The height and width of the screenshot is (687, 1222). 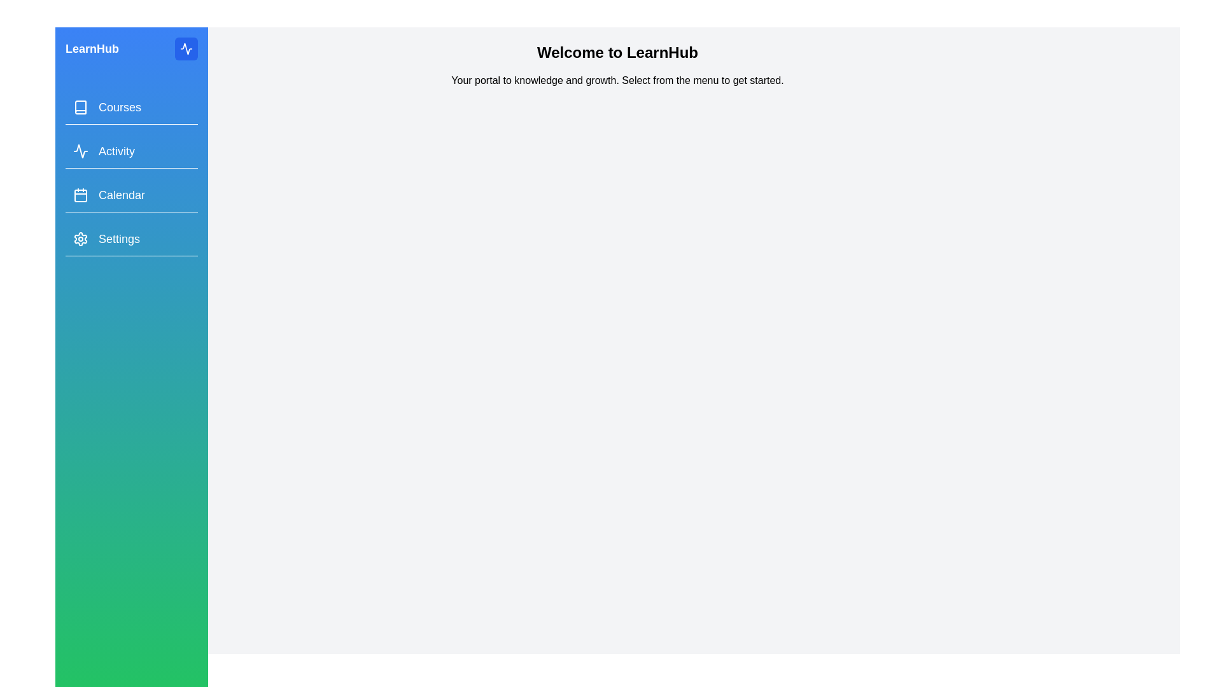 I want to click on the toggle button to close the drawer, so click(x=185, y=48).